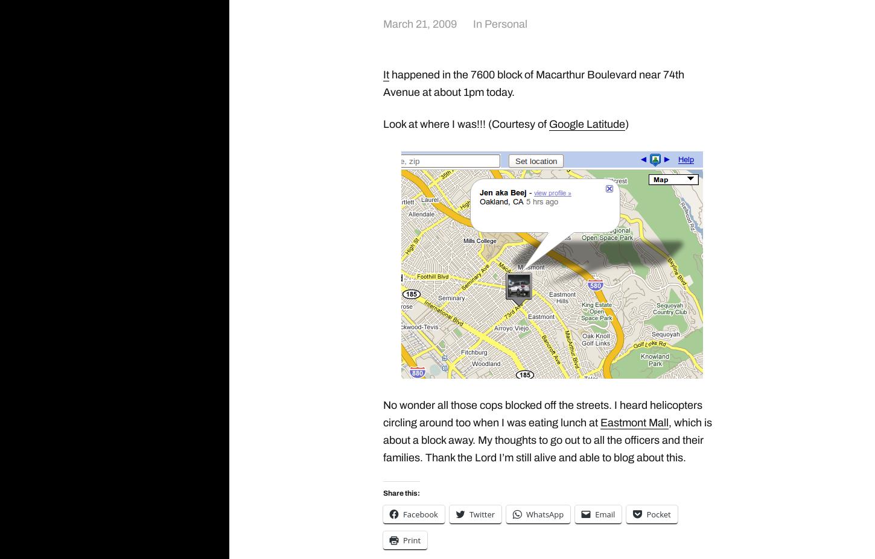 This screenshot has width=875, height=559. I want to click on 'No wonder all those cops blocked off the streets. I heard helicopters circling around too when I was eating lunch at', so click(382, 412).